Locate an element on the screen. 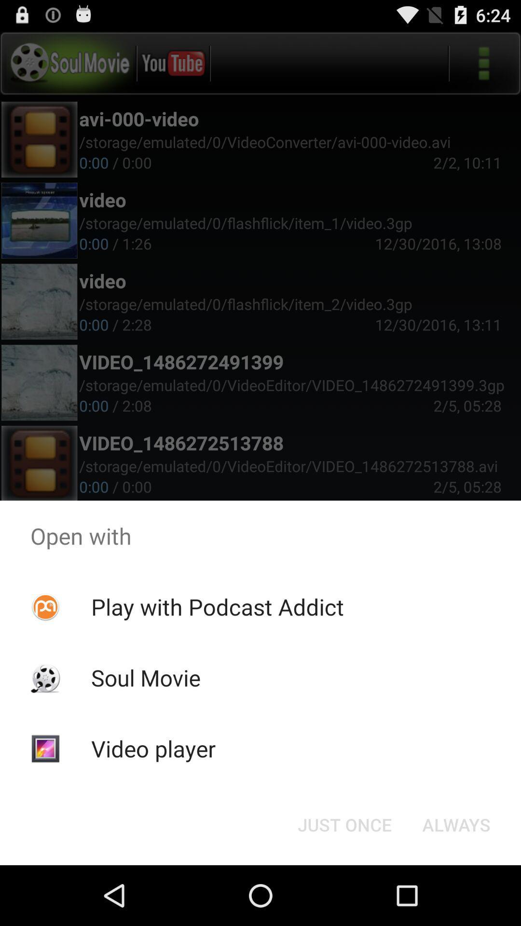 This screenshot has height=926, width=521. video player is located at coordinates (152, 748).